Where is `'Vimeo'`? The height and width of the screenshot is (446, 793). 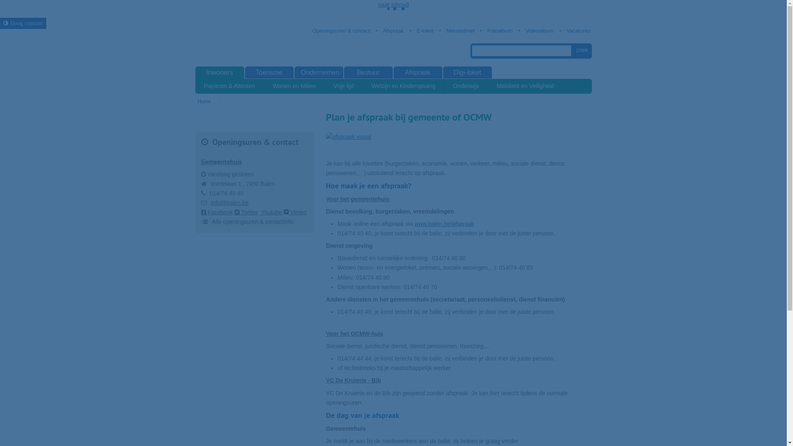 'Vimeo' is located at coordinates (295, 211).